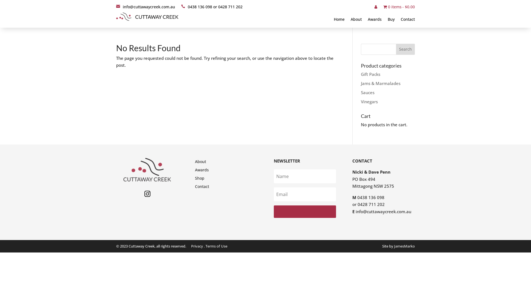 Image resolution: width=531 pixels, height=299 pixels. What do you see at coordinates (145, 8) in the screenshot?
I see `'info@cuttawaycreek.com.au'` at bounding box center [145, 8].